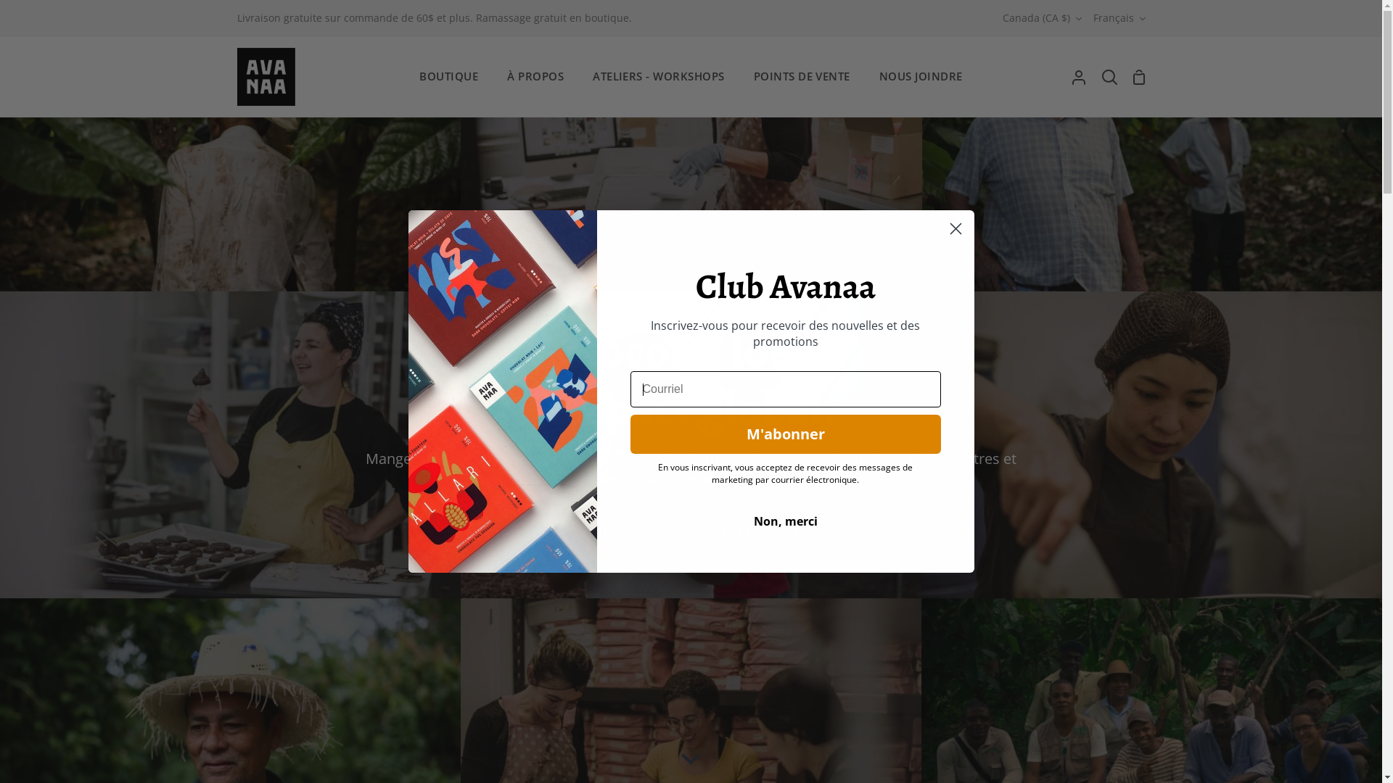 The height and width of the screenshot is (783, 1393). I want to click on 'Non, merci', so click(784, 520).